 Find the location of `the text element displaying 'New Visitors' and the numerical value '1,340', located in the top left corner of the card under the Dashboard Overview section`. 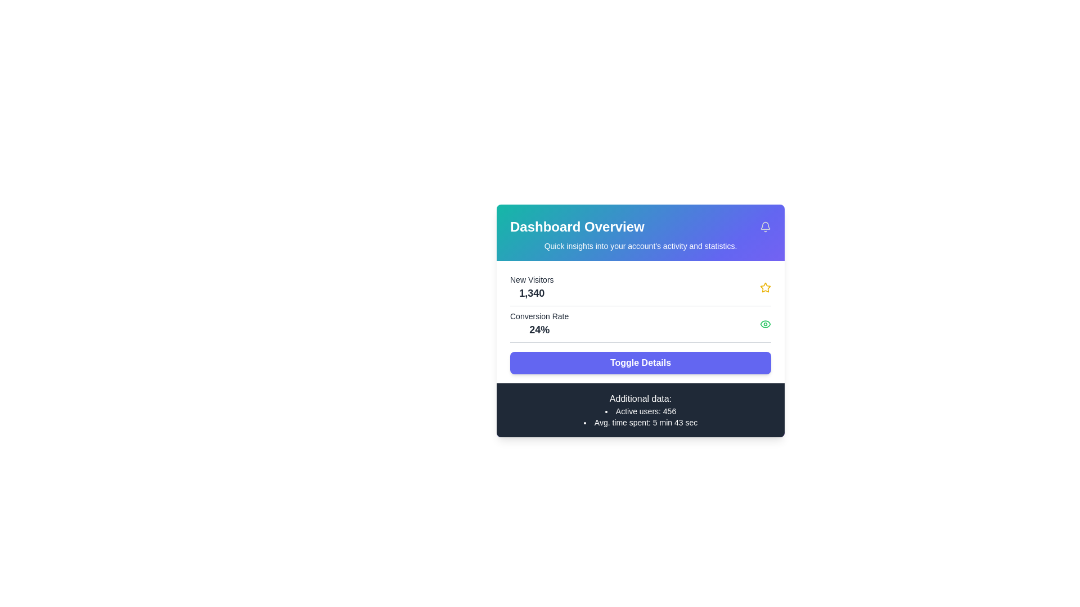

the text element displaying 'New Visitors' and the numerical value '1,340', located in the top left corner of the card under the Dashboard Overview section is located at coordinates (531, 287).